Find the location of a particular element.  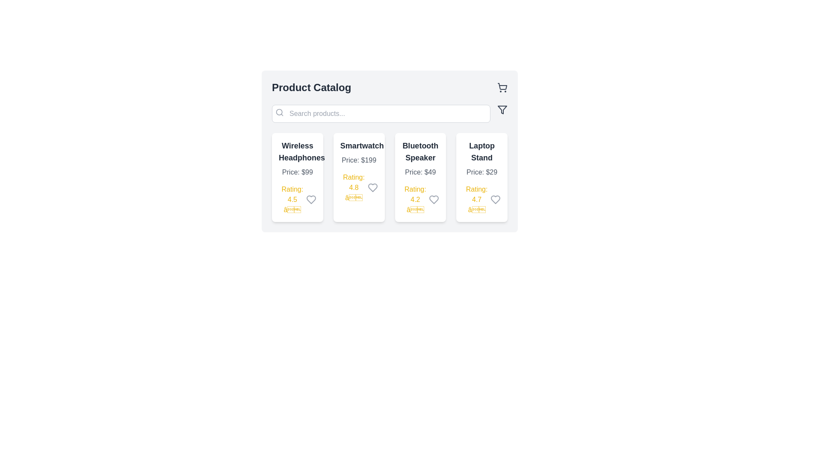

the favorite or like button located at the bottom of the 'Bluetooth Speaker' product card is located at coordinates (434, 199).